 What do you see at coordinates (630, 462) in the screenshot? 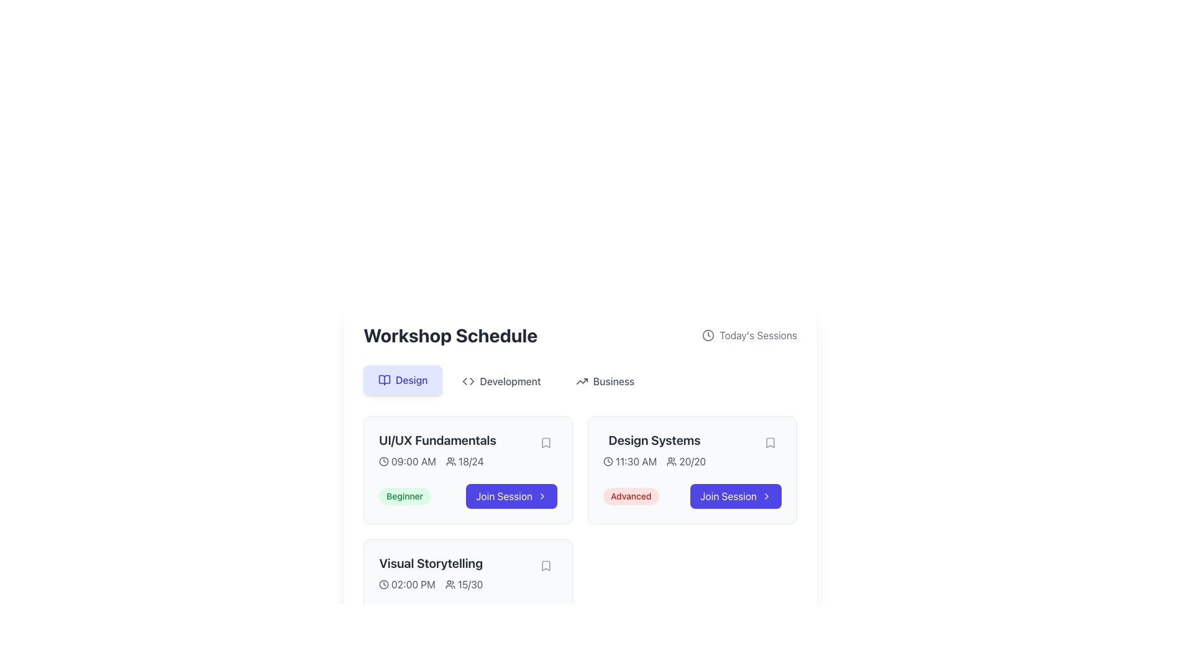
I see `the time information '11:30 AM' displayed next` at bounding box center [630, 462].